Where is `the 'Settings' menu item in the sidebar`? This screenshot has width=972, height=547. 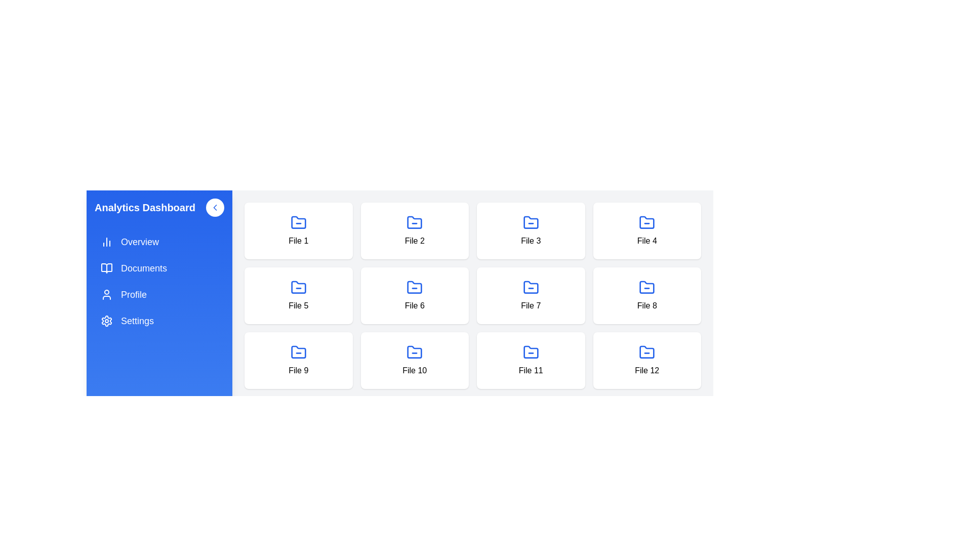
the 'Settings' menu item in the sidebar is located at coordinates (159, 321).